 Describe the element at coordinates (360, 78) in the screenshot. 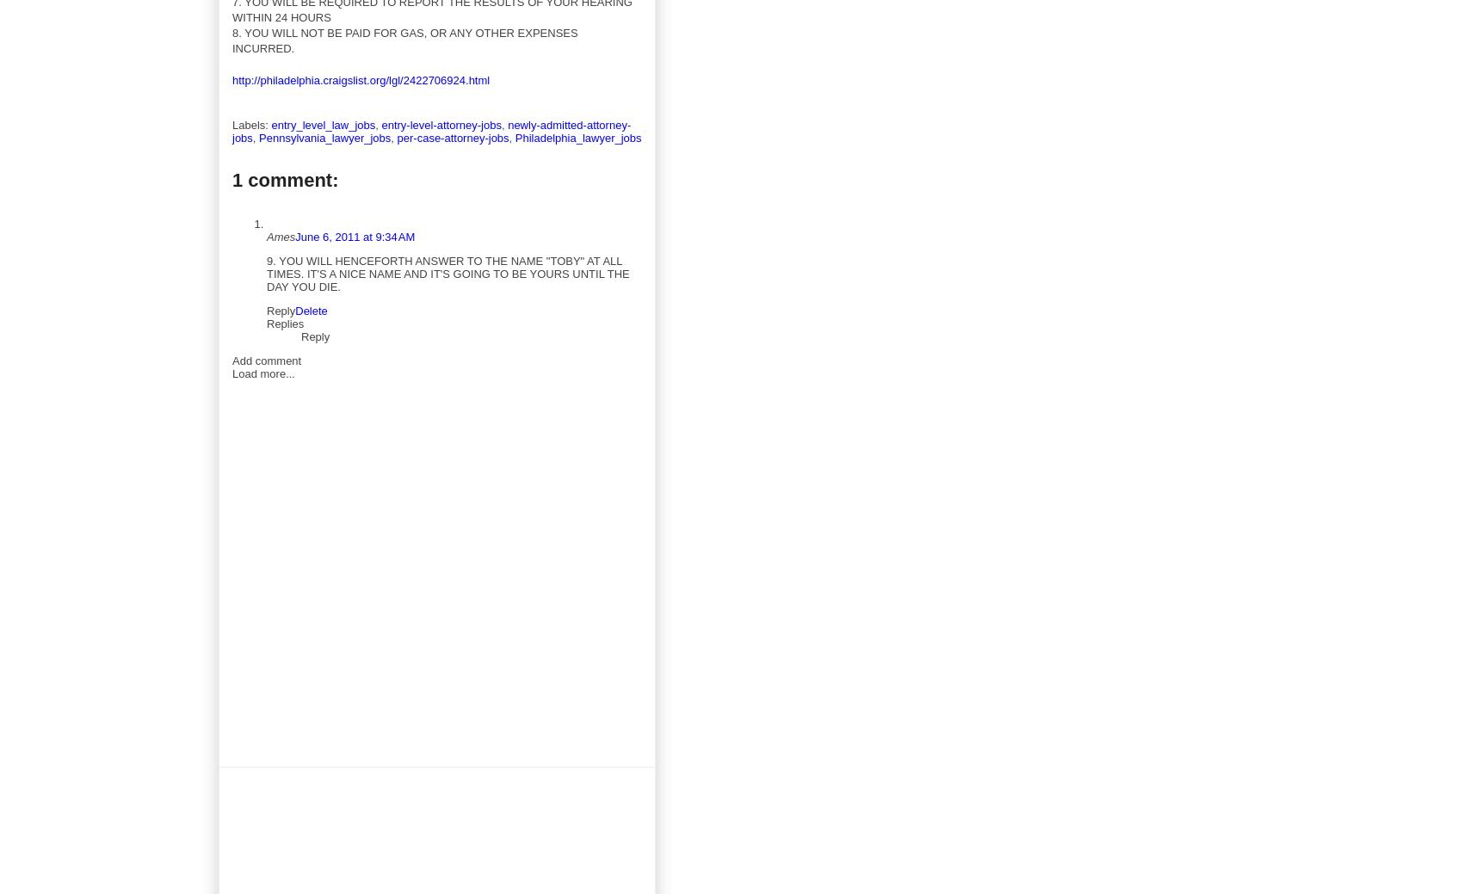

I see `'http://philadelphia.craigslist.org/lgl/2422706924.html'` at that location.